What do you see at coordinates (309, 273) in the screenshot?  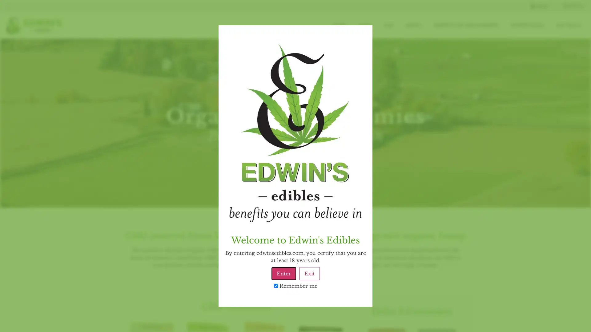 I see `Exit` at bounding box center [309, 273].